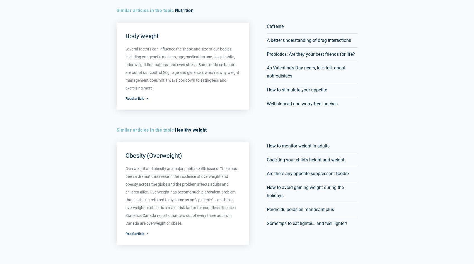 The image size is (474, 264). I want to click on 'Overweight and obesity are major public health issues. There has been a dramatic increase in the incidence of overweight and obesity across the globe and the problem affects adults and children alike. Overweight has become such a prevalent problem that it is being referred to by some as an "epidemic", since being overweight or obese is a major risk factor for countless diseases. Statistics Canada reports that two out of every three adults in Canada are overweight or obese.', so click(181, 195).